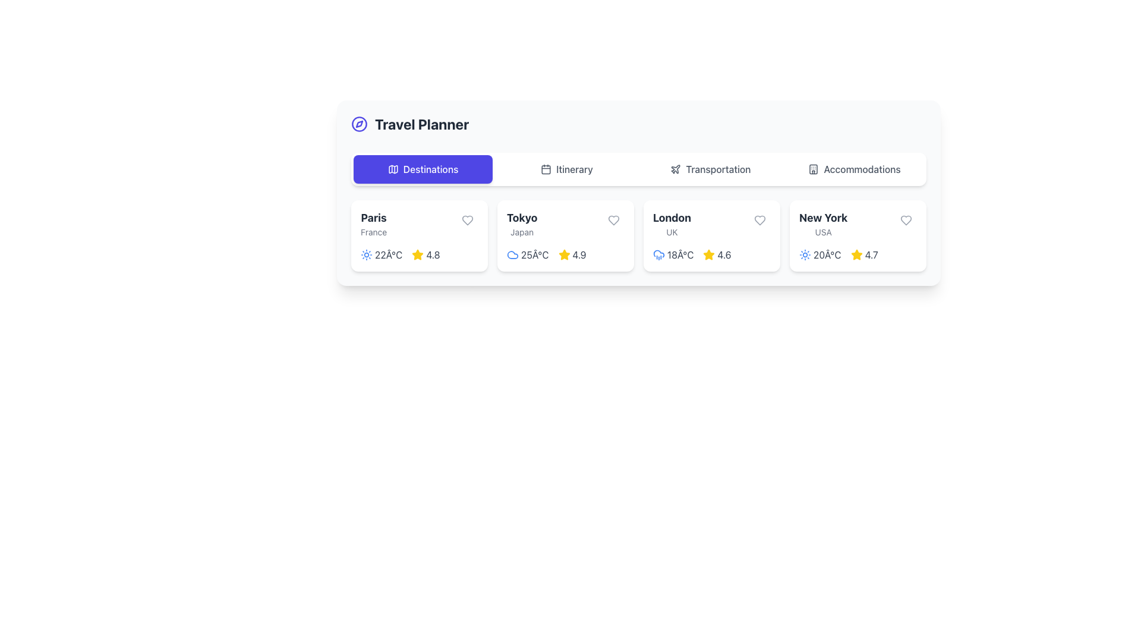 Image resolution: width=1141 pixels, height=642 pixels. What do you see at coordinates (546, 169) in the screenshot?
I see `the small calendar icon in the navigation area labeled 'Itinerary', which features a square outline with rounded corners and small vertical lines at the top` at bounding box center [546, 169].